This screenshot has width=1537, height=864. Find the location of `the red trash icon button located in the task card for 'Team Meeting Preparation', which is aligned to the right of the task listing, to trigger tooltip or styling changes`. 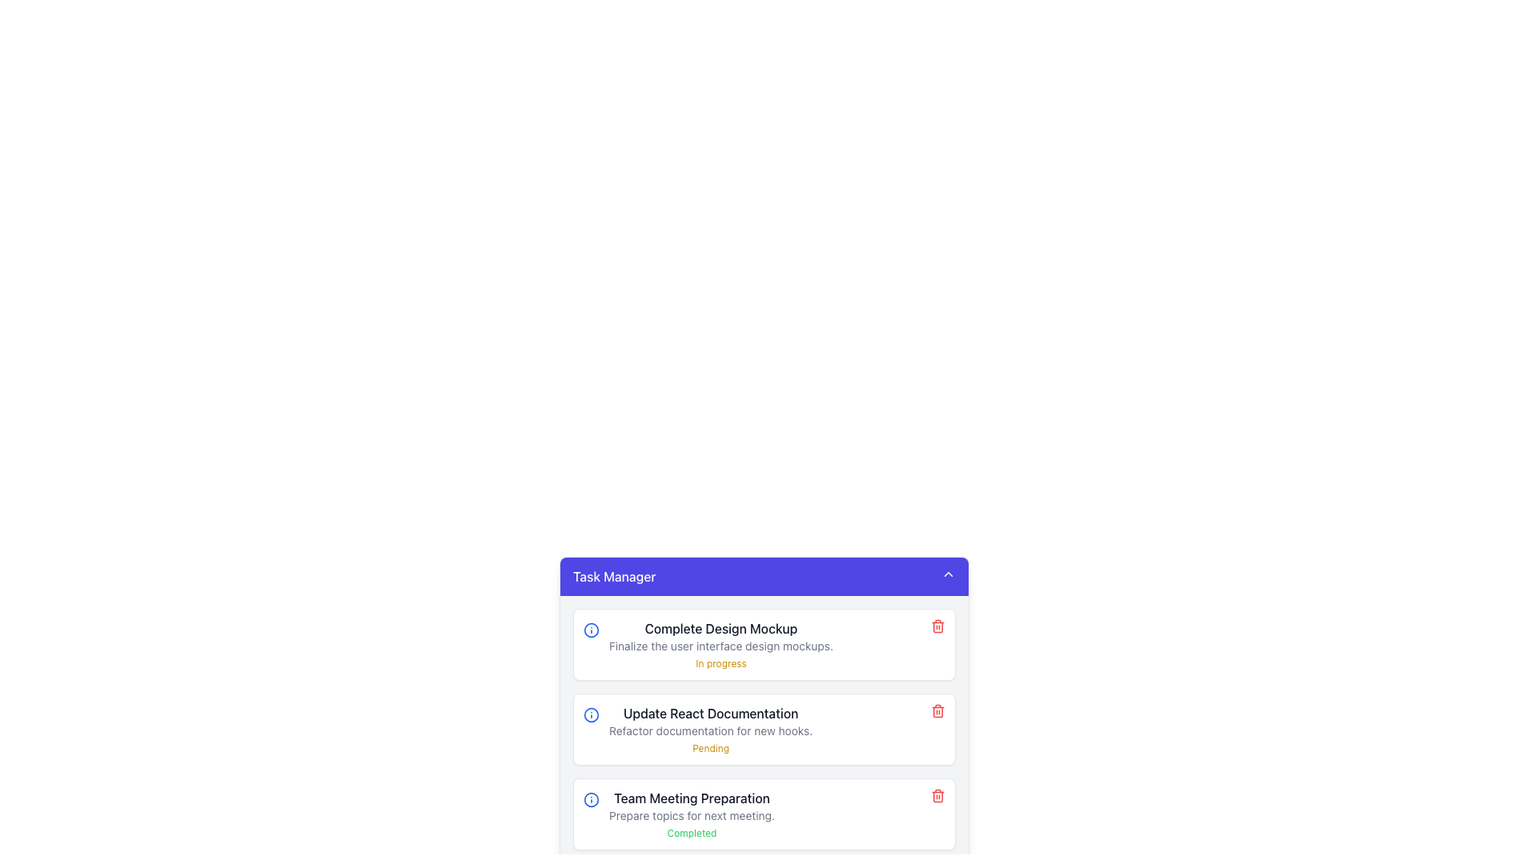

the red trash icon button located in the task card for 'Team Meeting Preparation', which is aligned to the right of the task listing, to trigger tooltip or styling changes is located at coordinates (937, 796).